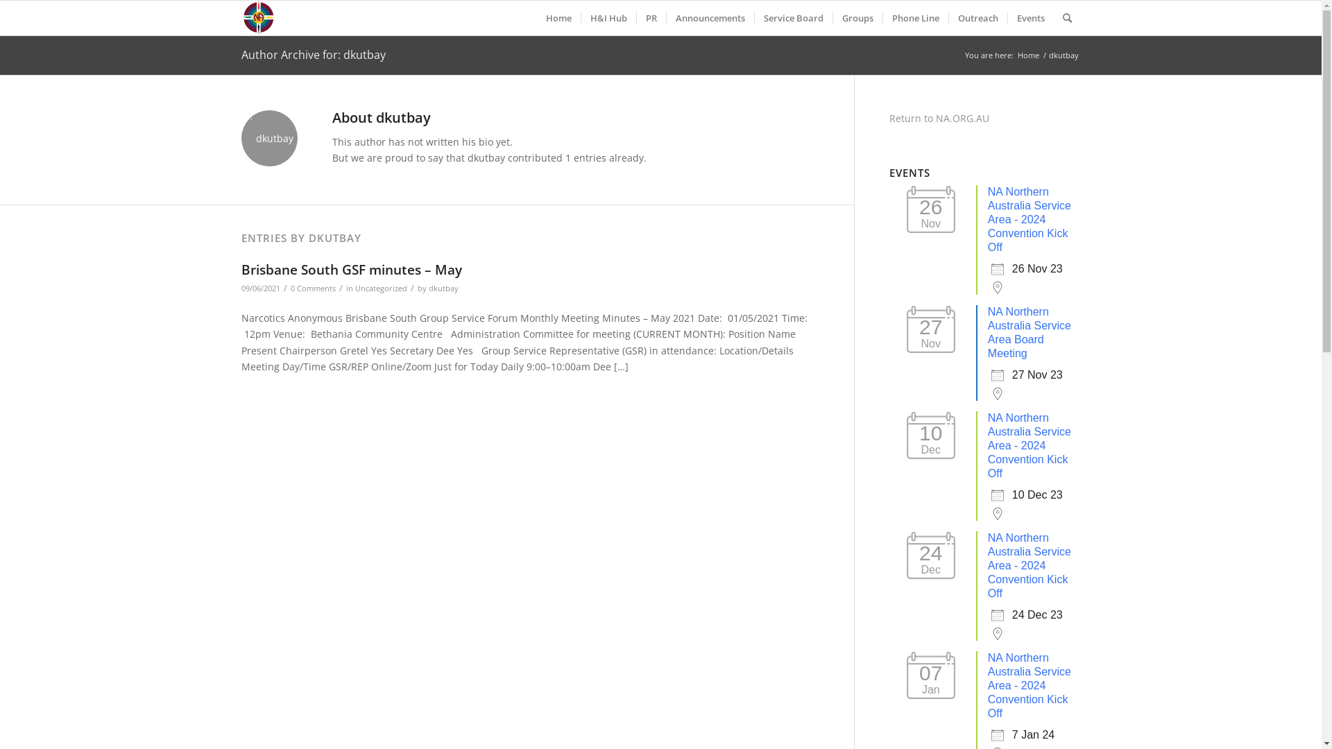 This screenshot has width=1332, height=749. What do you see at coordinates (947, 18) in the screenshot?
I see `'Outreach'` at bounding box center [947, 18].